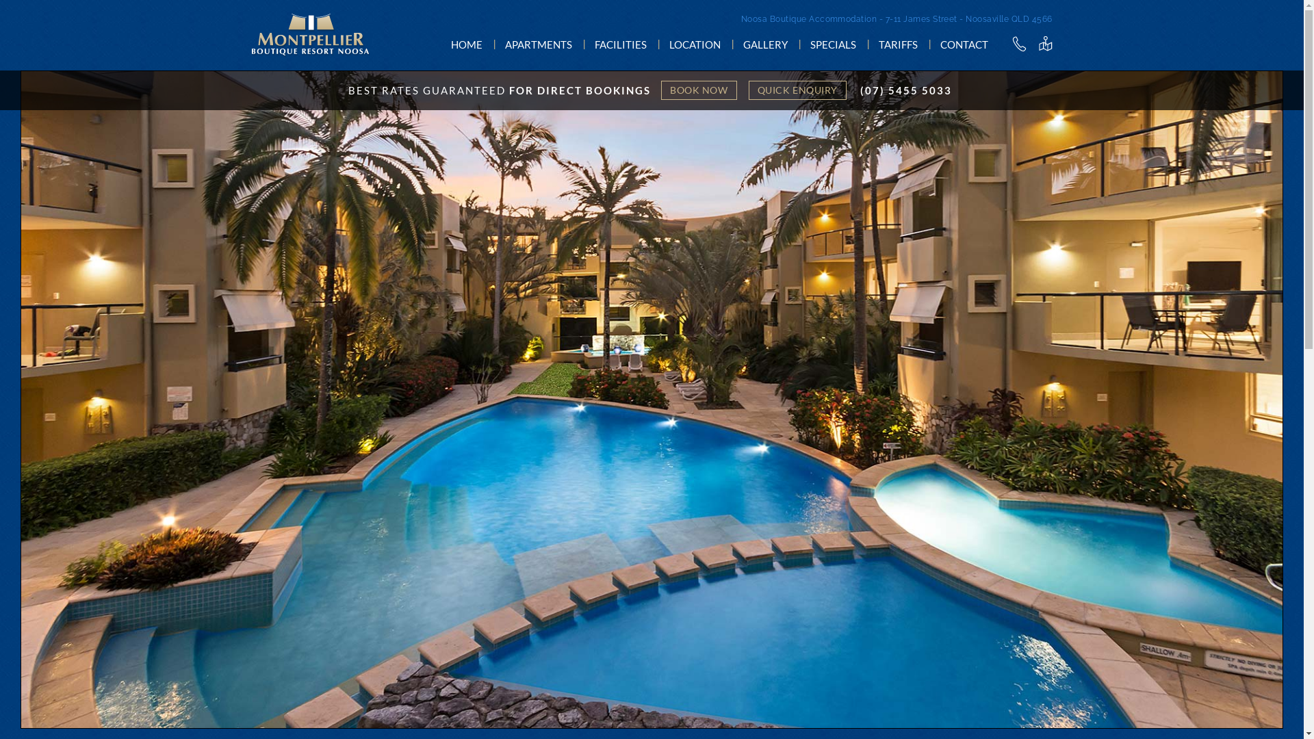 The image size is (1314, 739). I want to click on 'LOCATION', so click(695, 44).